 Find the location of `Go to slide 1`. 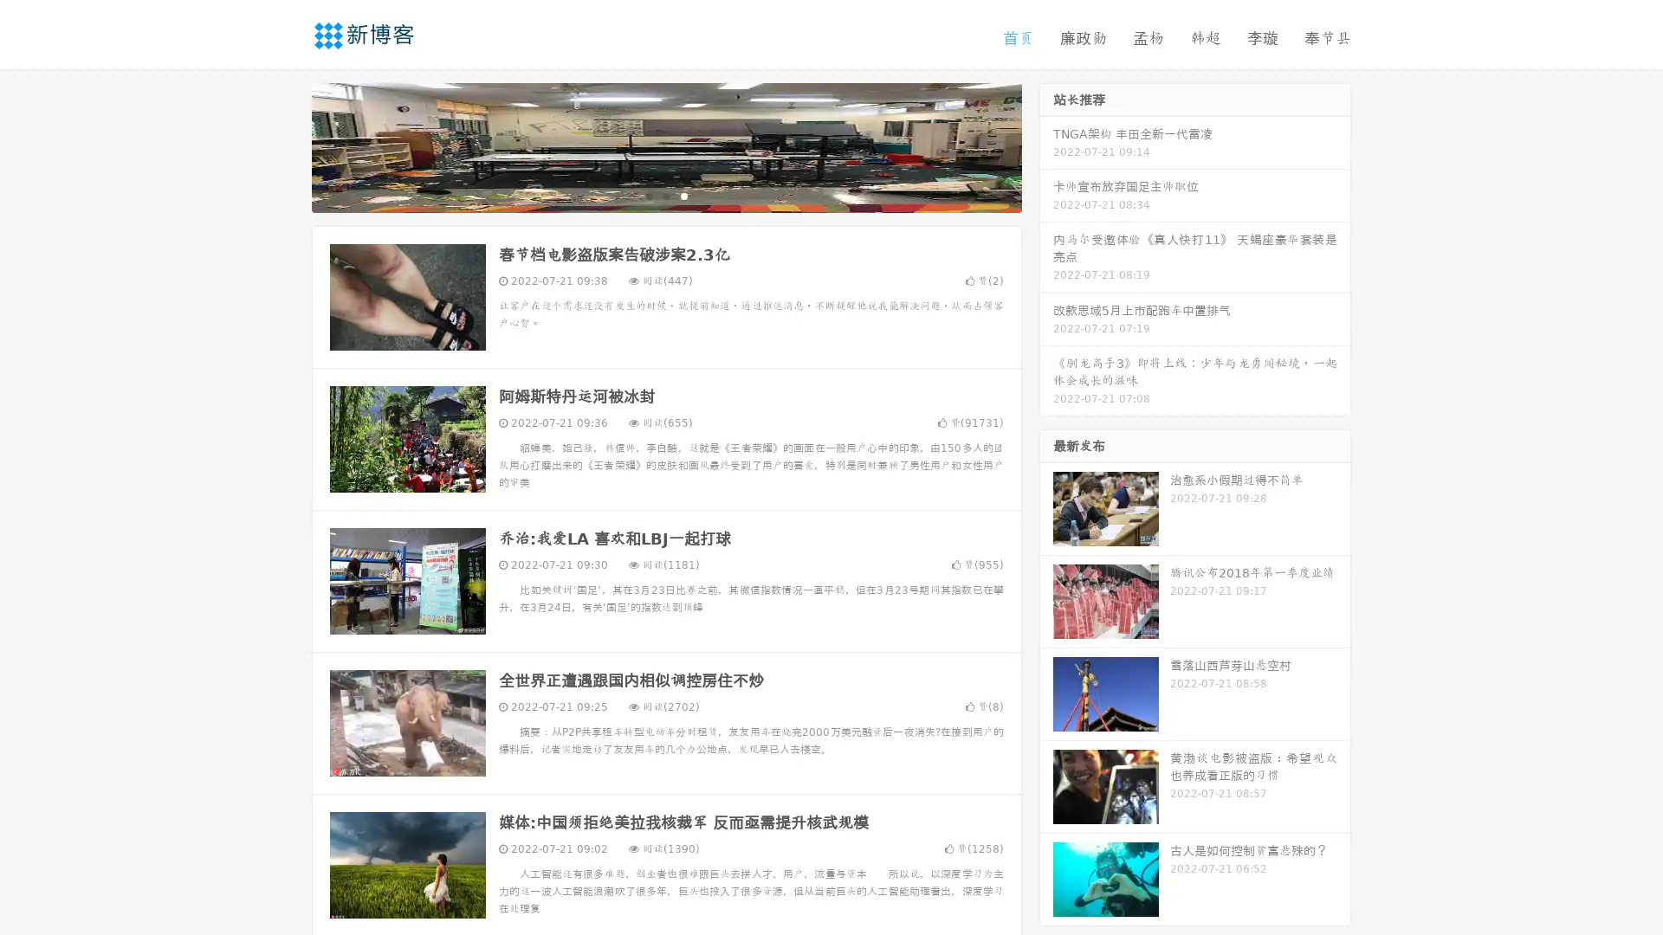

Go to slide 1 is located at coordinates (648, 195).